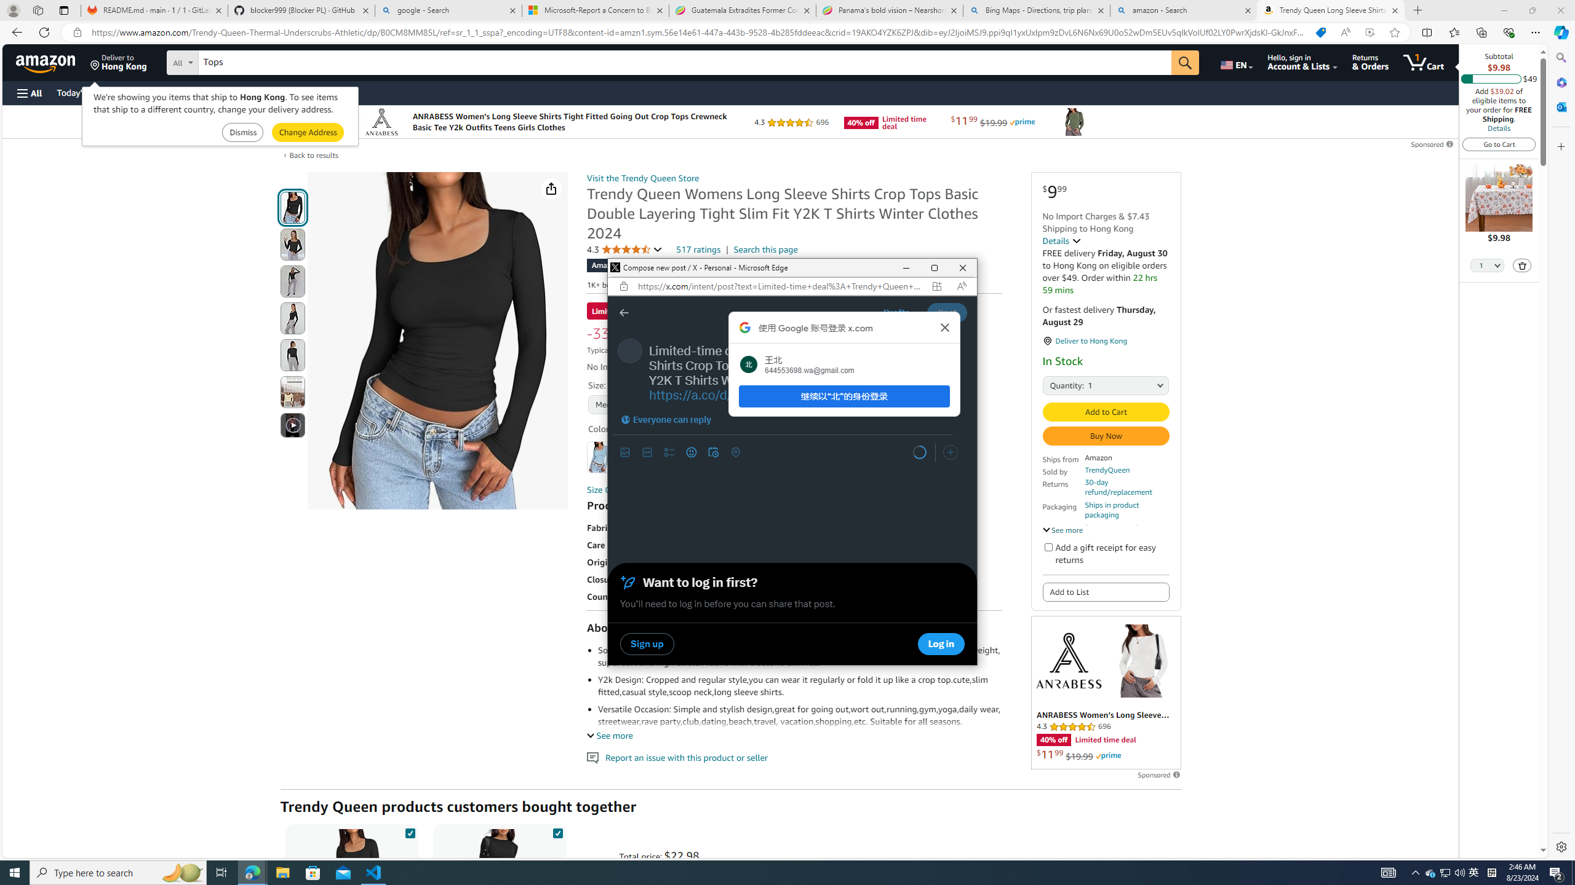  Describe the element at coordinates (642, 178) in the screenshot. I see `'Visit the Trendy Queen Store'` at that location.